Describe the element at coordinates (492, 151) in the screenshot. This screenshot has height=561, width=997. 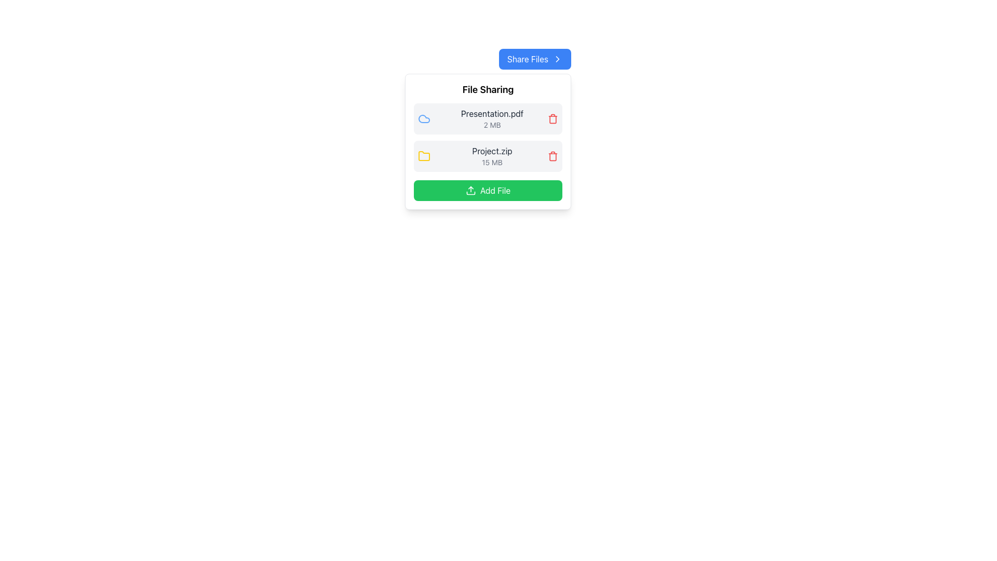
I see `static text element displaying the filename 'Project.zip', located between 'Presentation.pdf' and the 'Add File' button in the file sharing interface` at that location.